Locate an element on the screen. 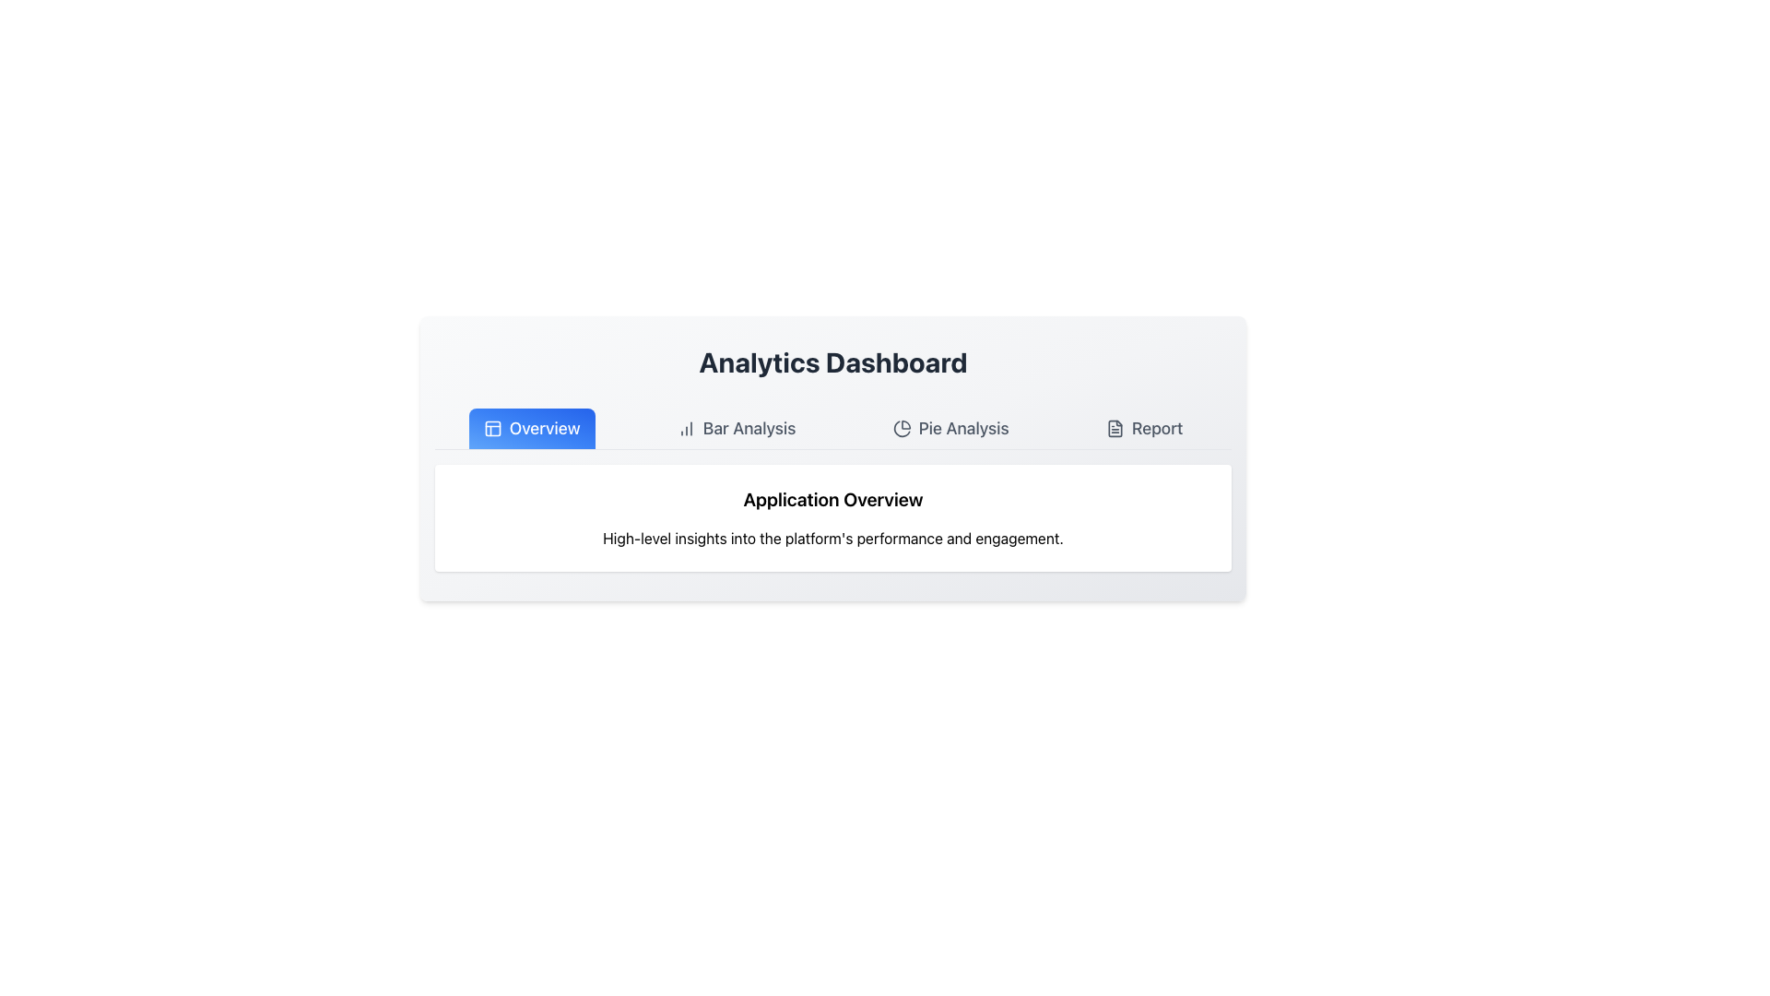 This screenshot has height=996, width=1770. the 'Pie Analysis' icon in the navigation bar, which is the third item from the left and visually indicates the section's purpose is located at coordinates (902, 429).